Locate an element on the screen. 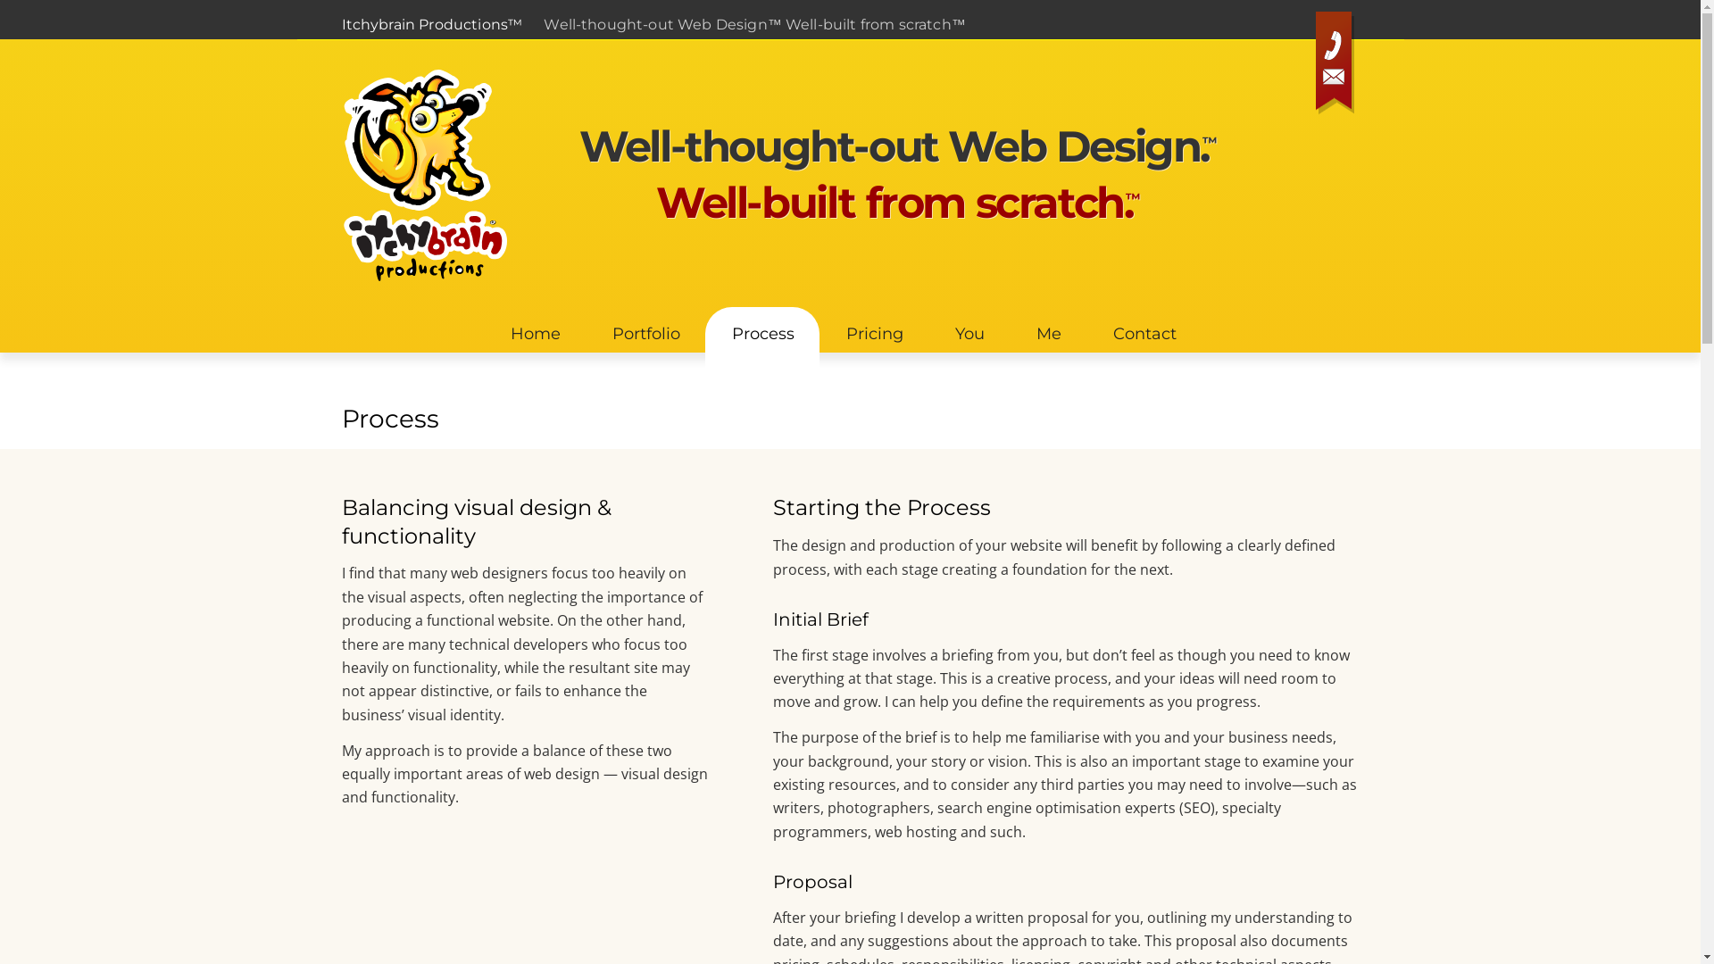 The height and width of the screenshot is (964, 1714). 'You' is located at coordinates (968, 329).